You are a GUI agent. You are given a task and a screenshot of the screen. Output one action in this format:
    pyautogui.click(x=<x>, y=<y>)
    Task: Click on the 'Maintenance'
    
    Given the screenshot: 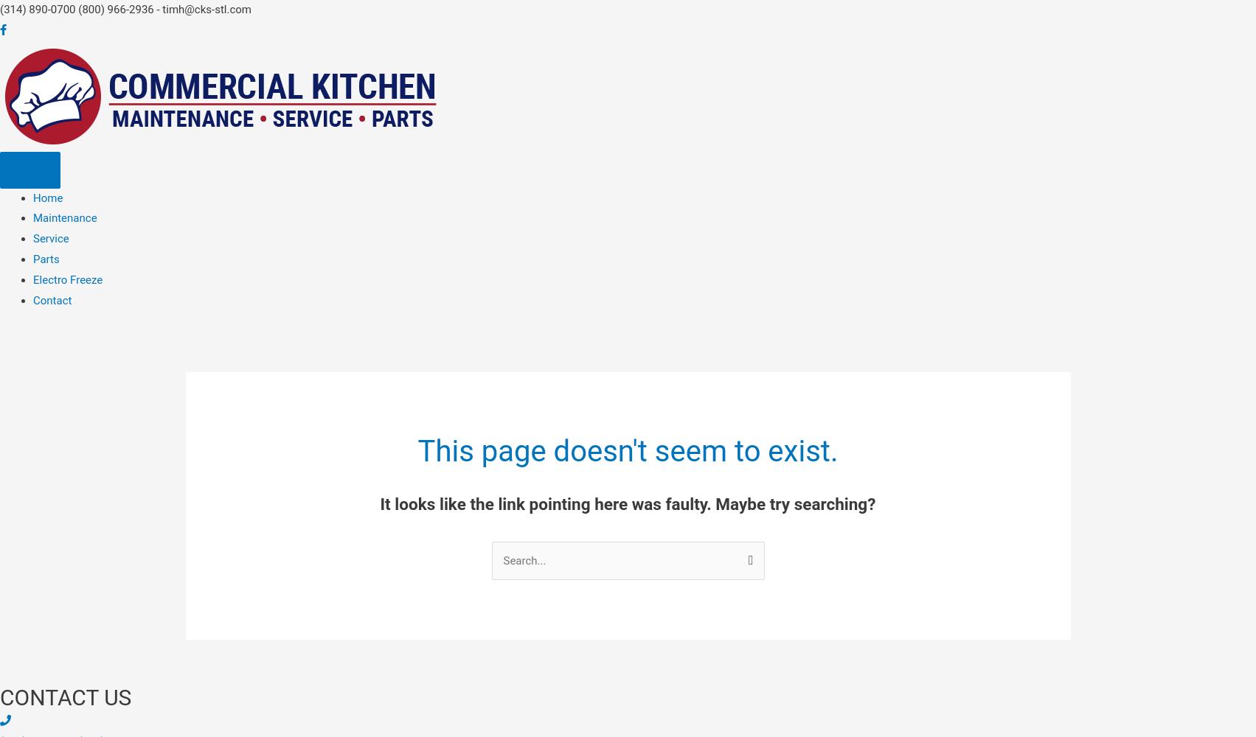 What is the action you would take?
    pyautogui.click(x=65, y=218)
    